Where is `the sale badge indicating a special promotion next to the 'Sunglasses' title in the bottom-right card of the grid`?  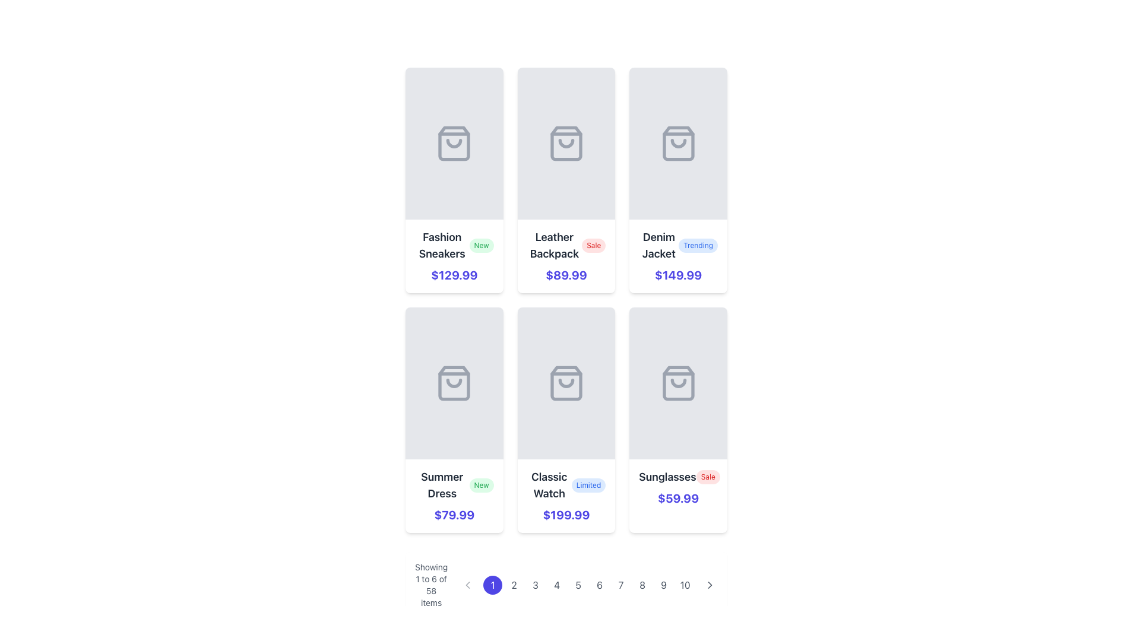
the sale badge indicating a special promotion next to the 'Sunglasses' title in the bottom-right card of the grid is located at coordinates (708, 476).